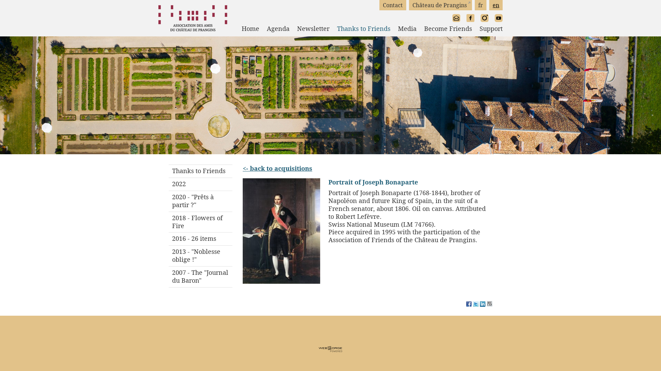  Describe the element at coordinates (393, 5) in the screenshot. I see `'Contact'` at that location.